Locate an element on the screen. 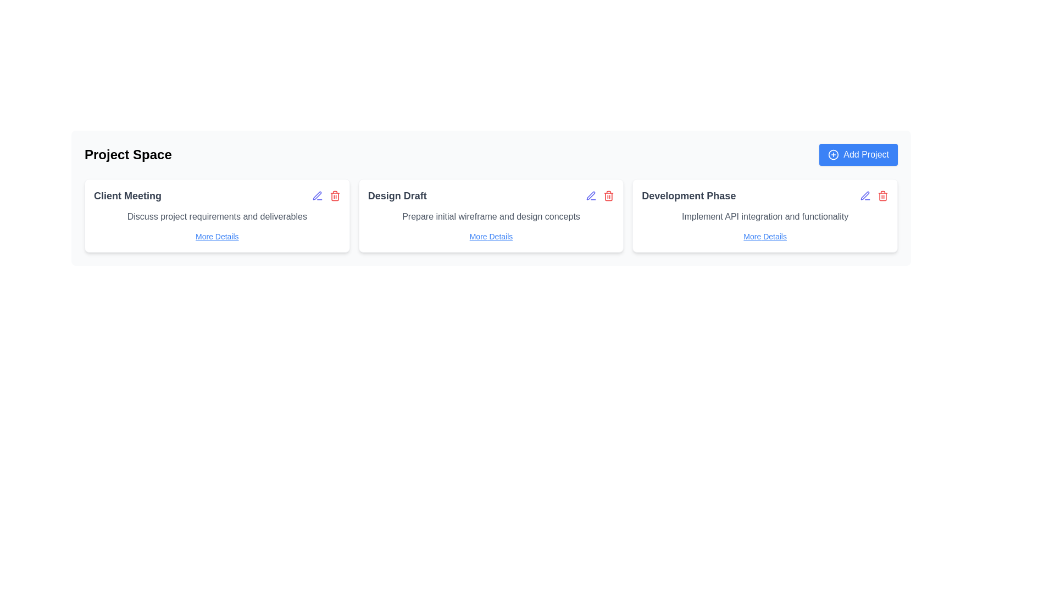 The height and width of the screenshot is (593, 1055). the text label titled 'Client Meeting' located in the top-left corner of the first card in a row of three cards on the dashboard interface is located at coordinates (127, 195).